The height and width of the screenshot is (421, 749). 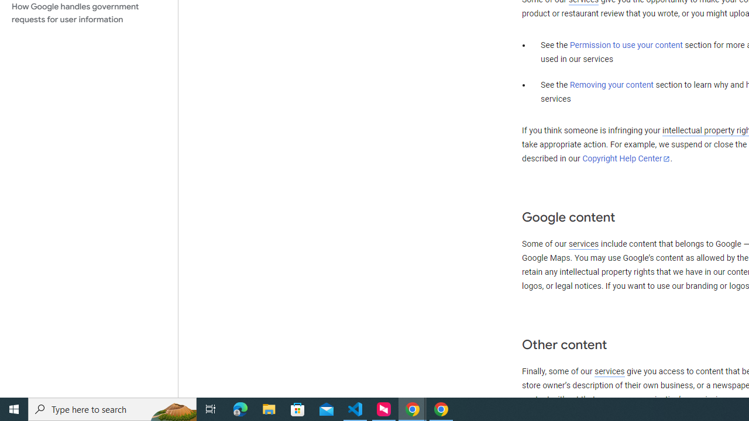 What do you see at coordinates (626, 45) in the screenshot?
I see `'Permission to use your content'` at bounding box center [626, 45].